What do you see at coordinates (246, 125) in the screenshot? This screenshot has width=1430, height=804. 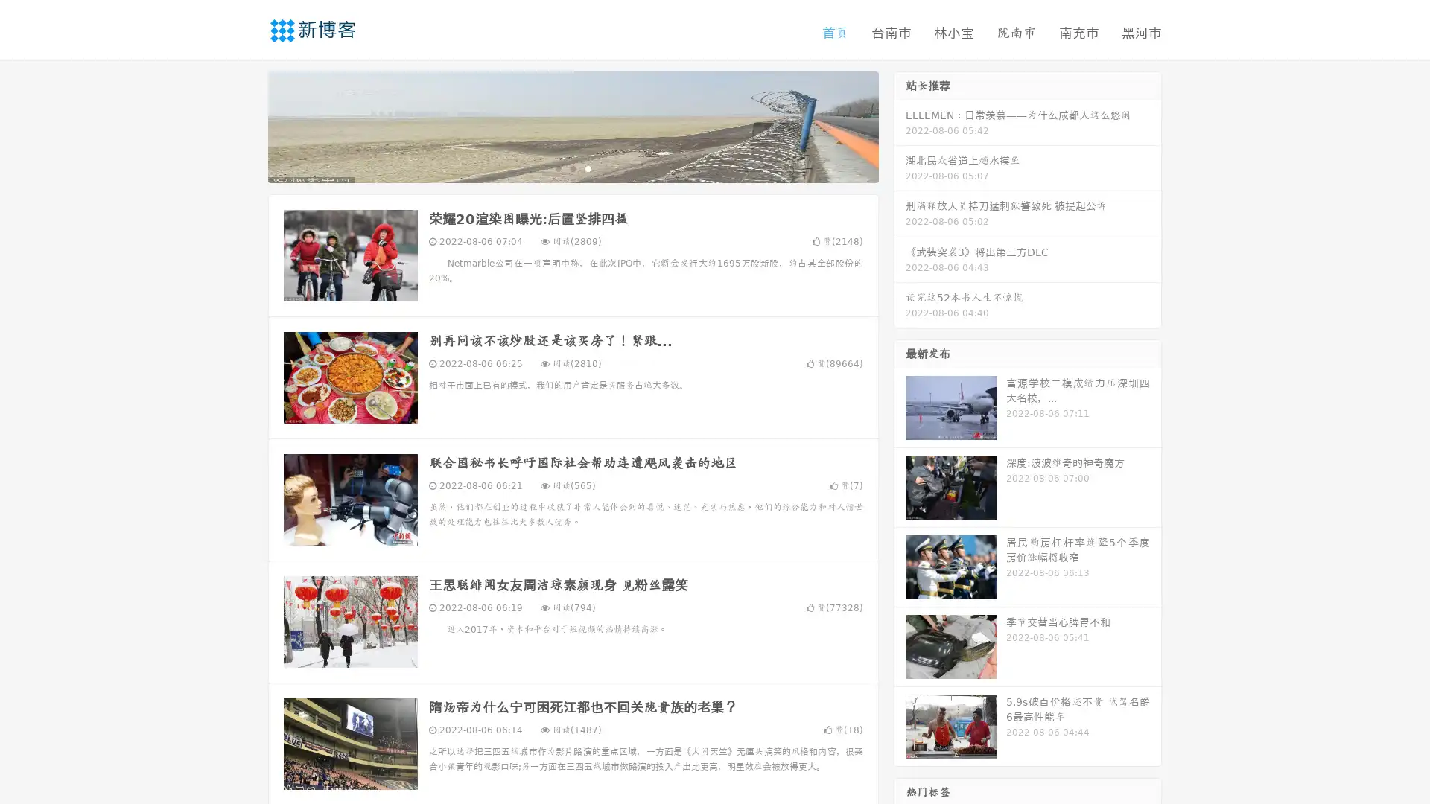 I see `Previous slide` at bounding box center [246, 125].